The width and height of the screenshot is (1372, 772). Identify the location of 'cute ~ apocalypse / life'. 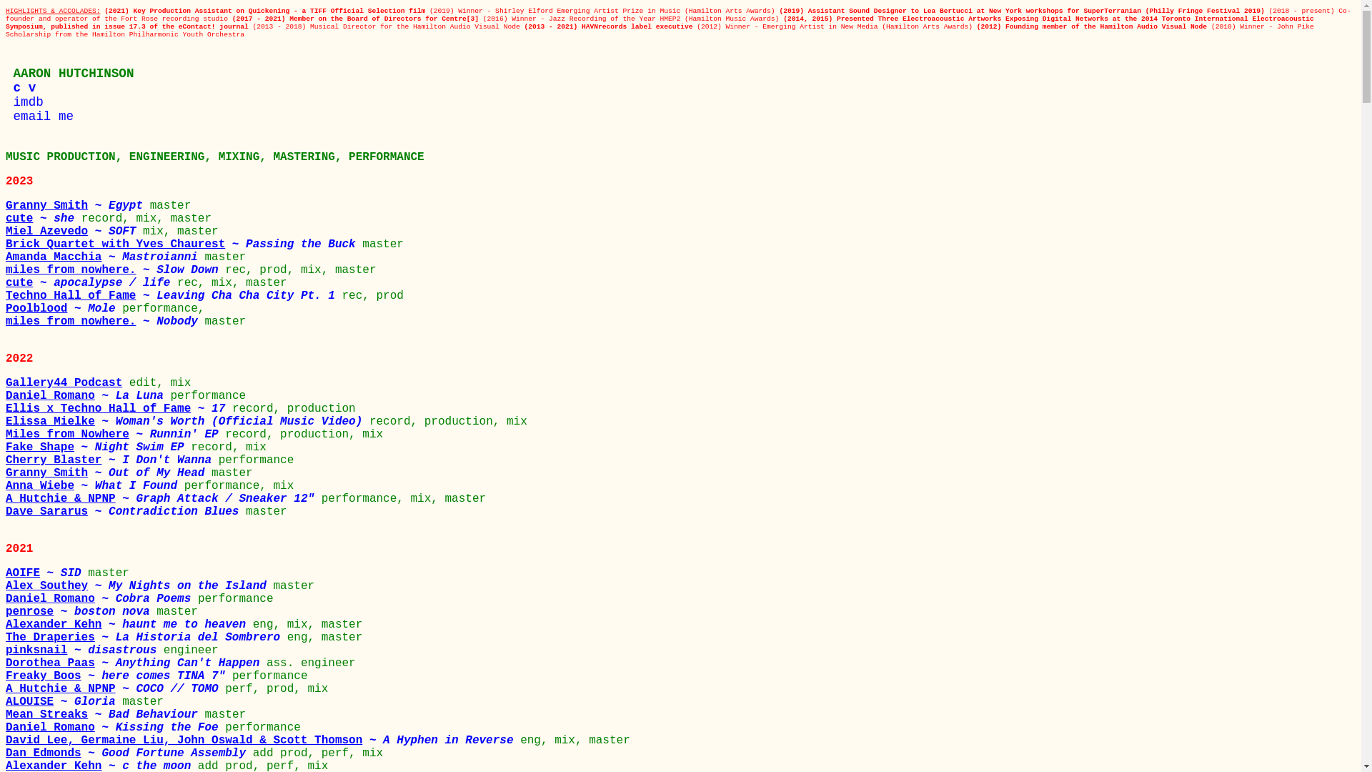
(6, 283).